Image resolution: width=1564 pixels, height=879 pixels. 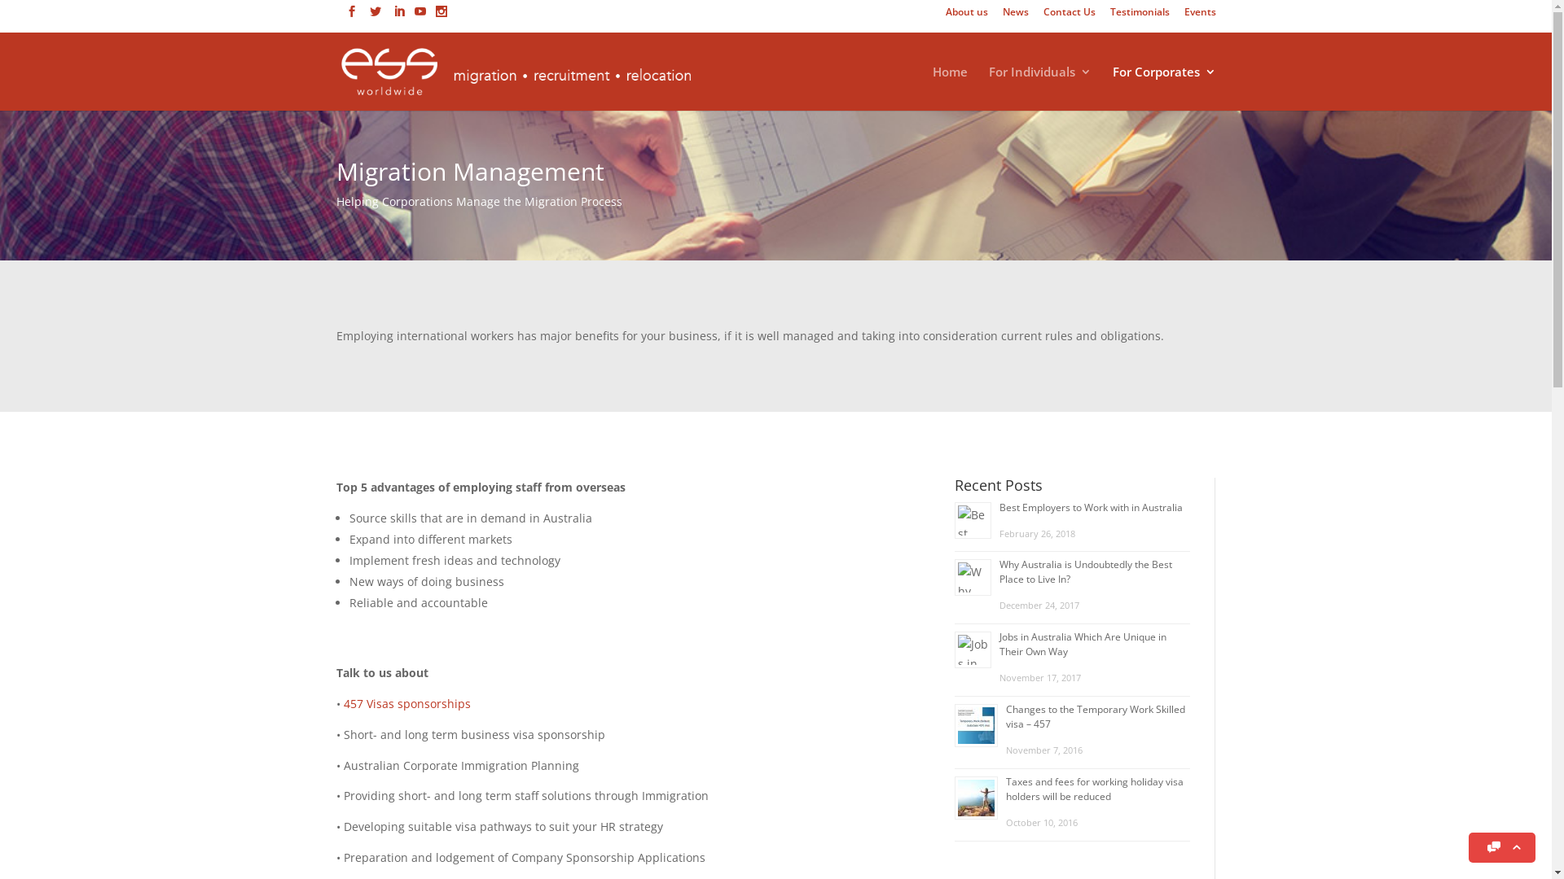 What do you see at coordinates (1184, 15) in the screenshot?
I see `'Events'` at bounding box center [1184, 15].